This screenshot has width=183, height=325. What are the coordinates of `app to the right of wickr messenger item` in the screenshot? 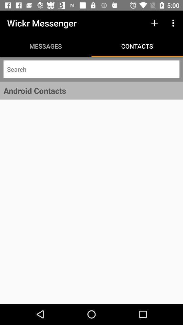 It's located at (154, 23).